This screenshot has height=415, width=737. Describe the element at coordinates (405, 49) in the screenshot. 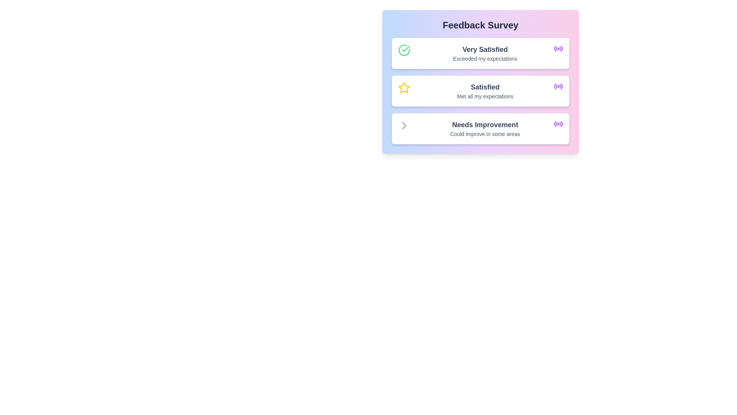

I see `the green check-mark icon's decorative graphical element associated with the 'Very Satisfied' feedback option` at that location.